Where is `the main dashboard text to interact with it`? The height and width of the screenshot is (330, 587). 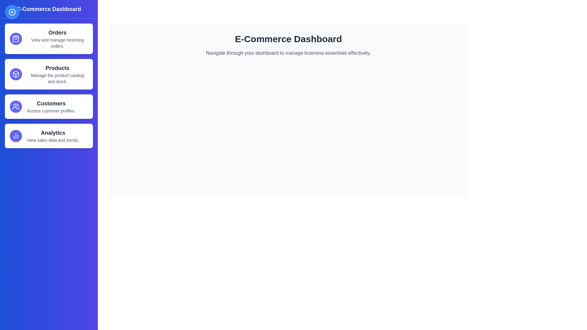 the main dashboard text to interact with it is located at coordinates (288, 39).